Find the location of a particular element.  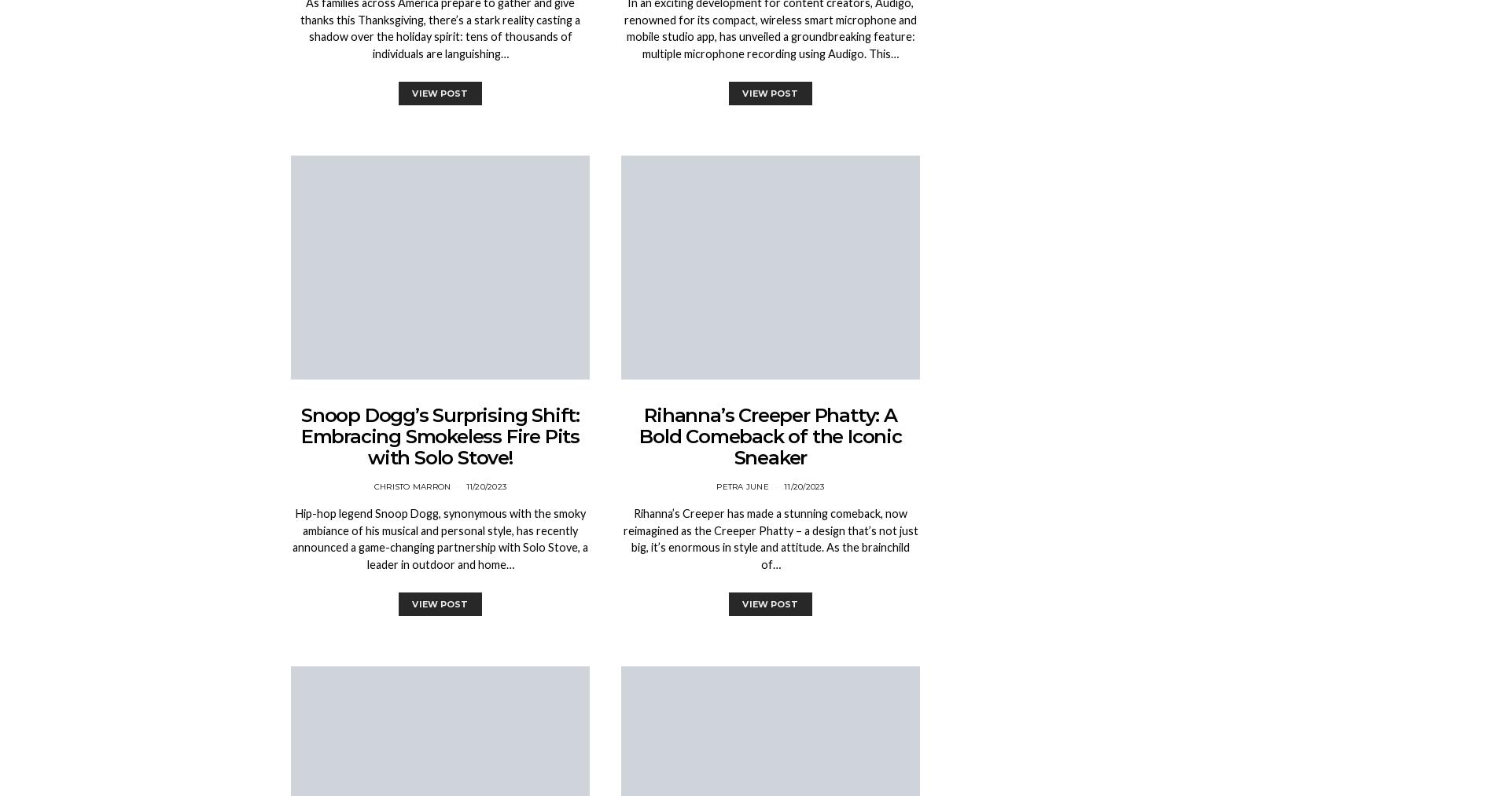

'Rihanna’s Creeper Phatty: A Bold Comeback of the Iconic Sneaker' is located at coordinates (770, 436).